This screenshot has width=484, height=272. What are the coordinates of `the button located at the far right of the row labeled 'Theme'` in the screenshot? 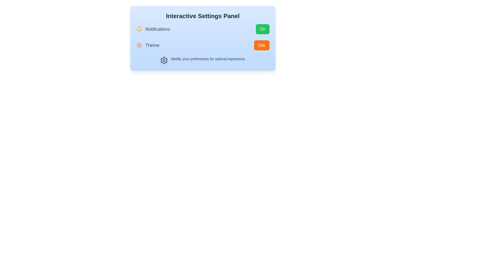 It's located at (261, 45).